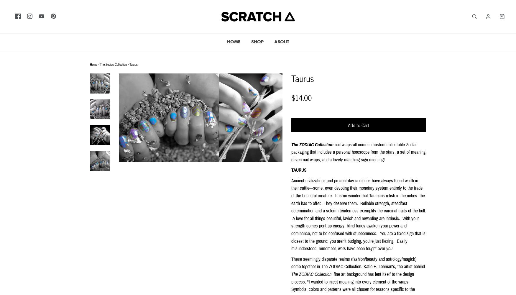  Describe the element at coordinates (353, 263) in the screenshot. I see `'These seemingly disparate realms (fashion/beauty and astrology/magick) come together in The ZODIAC Collection.'` at that location.